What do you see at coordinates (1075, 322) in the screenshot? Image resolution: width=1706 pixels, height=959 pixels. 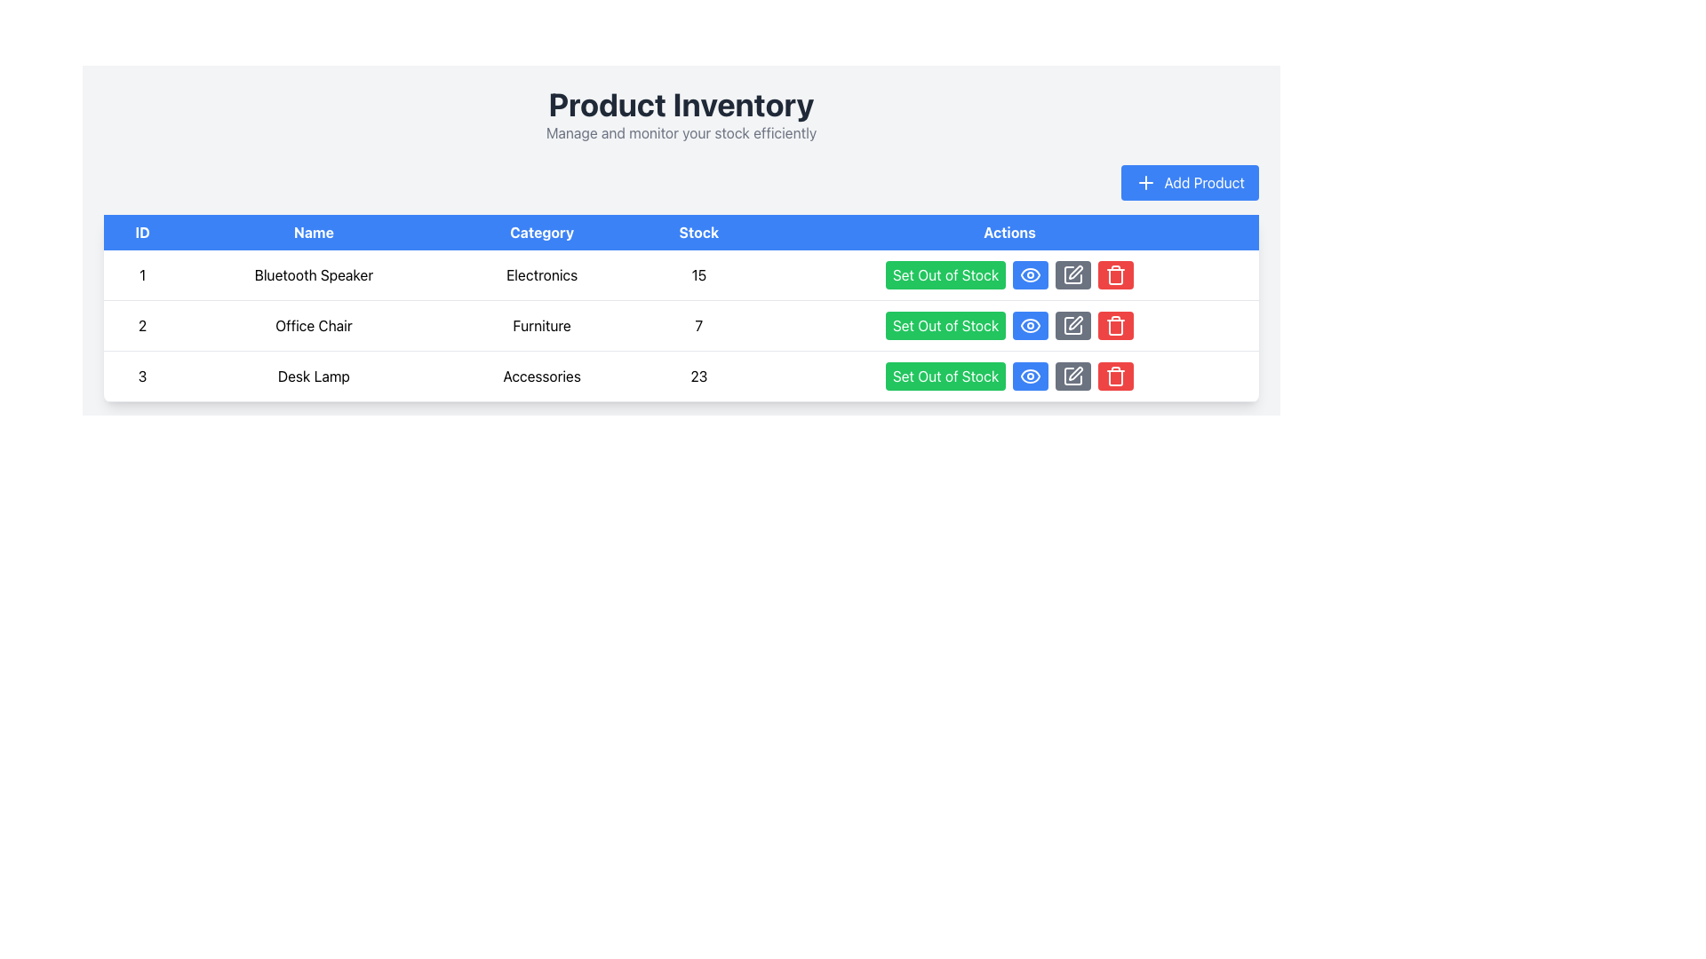 I see `the pen icon, the third action icon in the 'Actions' column of the product items table` at bounding box center [1075, 322].